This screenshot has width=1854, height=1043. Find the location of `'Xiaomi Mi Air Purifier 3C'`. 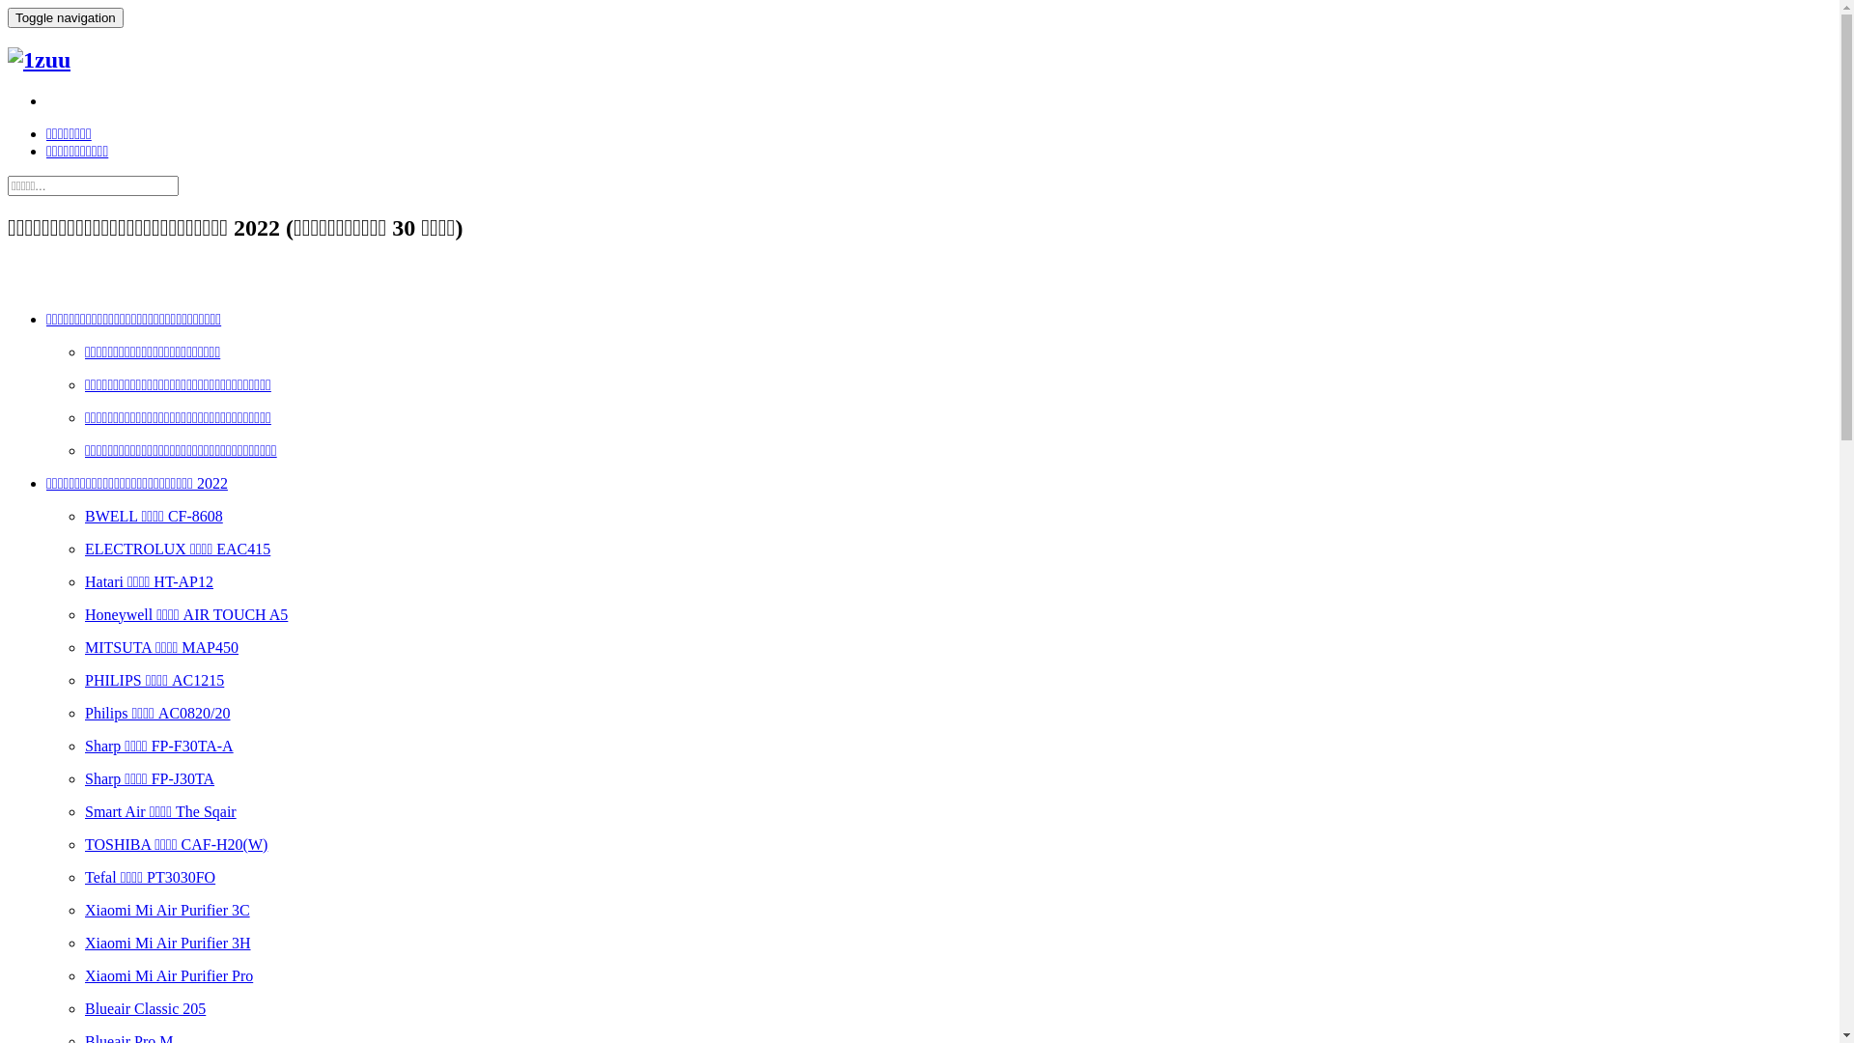

'Xiaomi Mi Air Purifier 3C' is located at coordinates (167, 910).